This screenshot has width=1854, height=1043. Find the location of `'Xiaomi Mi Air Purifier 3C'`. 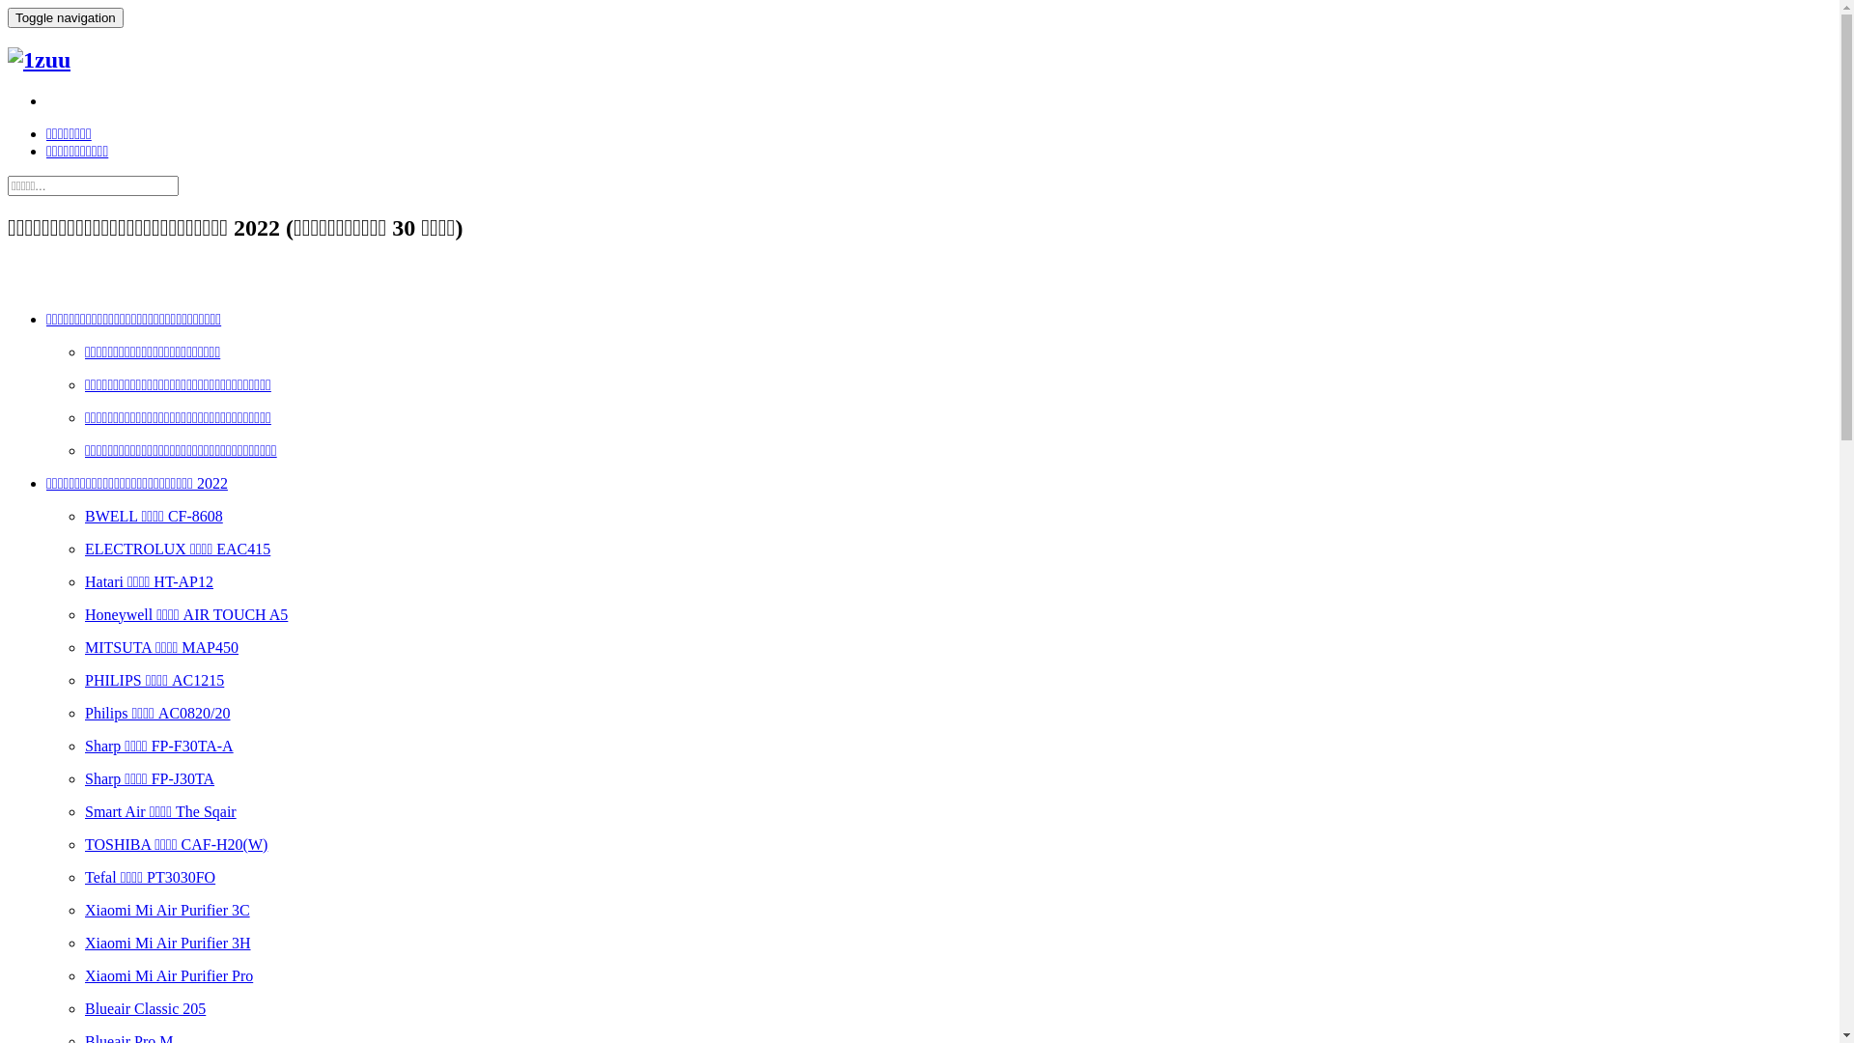

'Xiaomi Mi Air Purifier 3C' is located at coordinates (167, 910).